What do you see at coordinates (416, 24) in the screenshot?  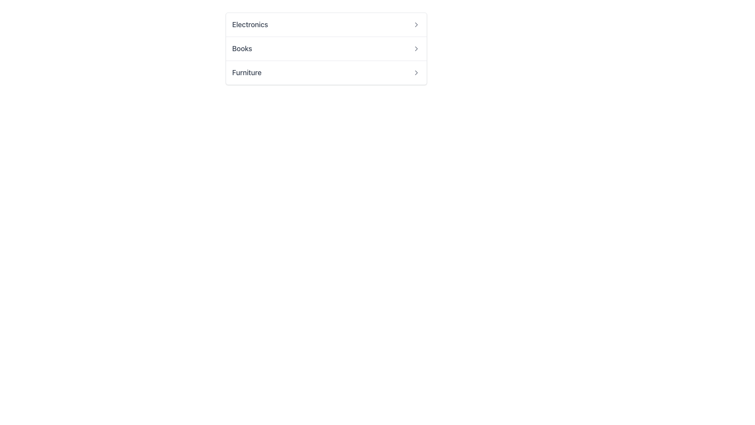 I see `the navigation icon associated with the 'Electronics' list item by moving the cursor to its center` at bounding box center [416, 24].